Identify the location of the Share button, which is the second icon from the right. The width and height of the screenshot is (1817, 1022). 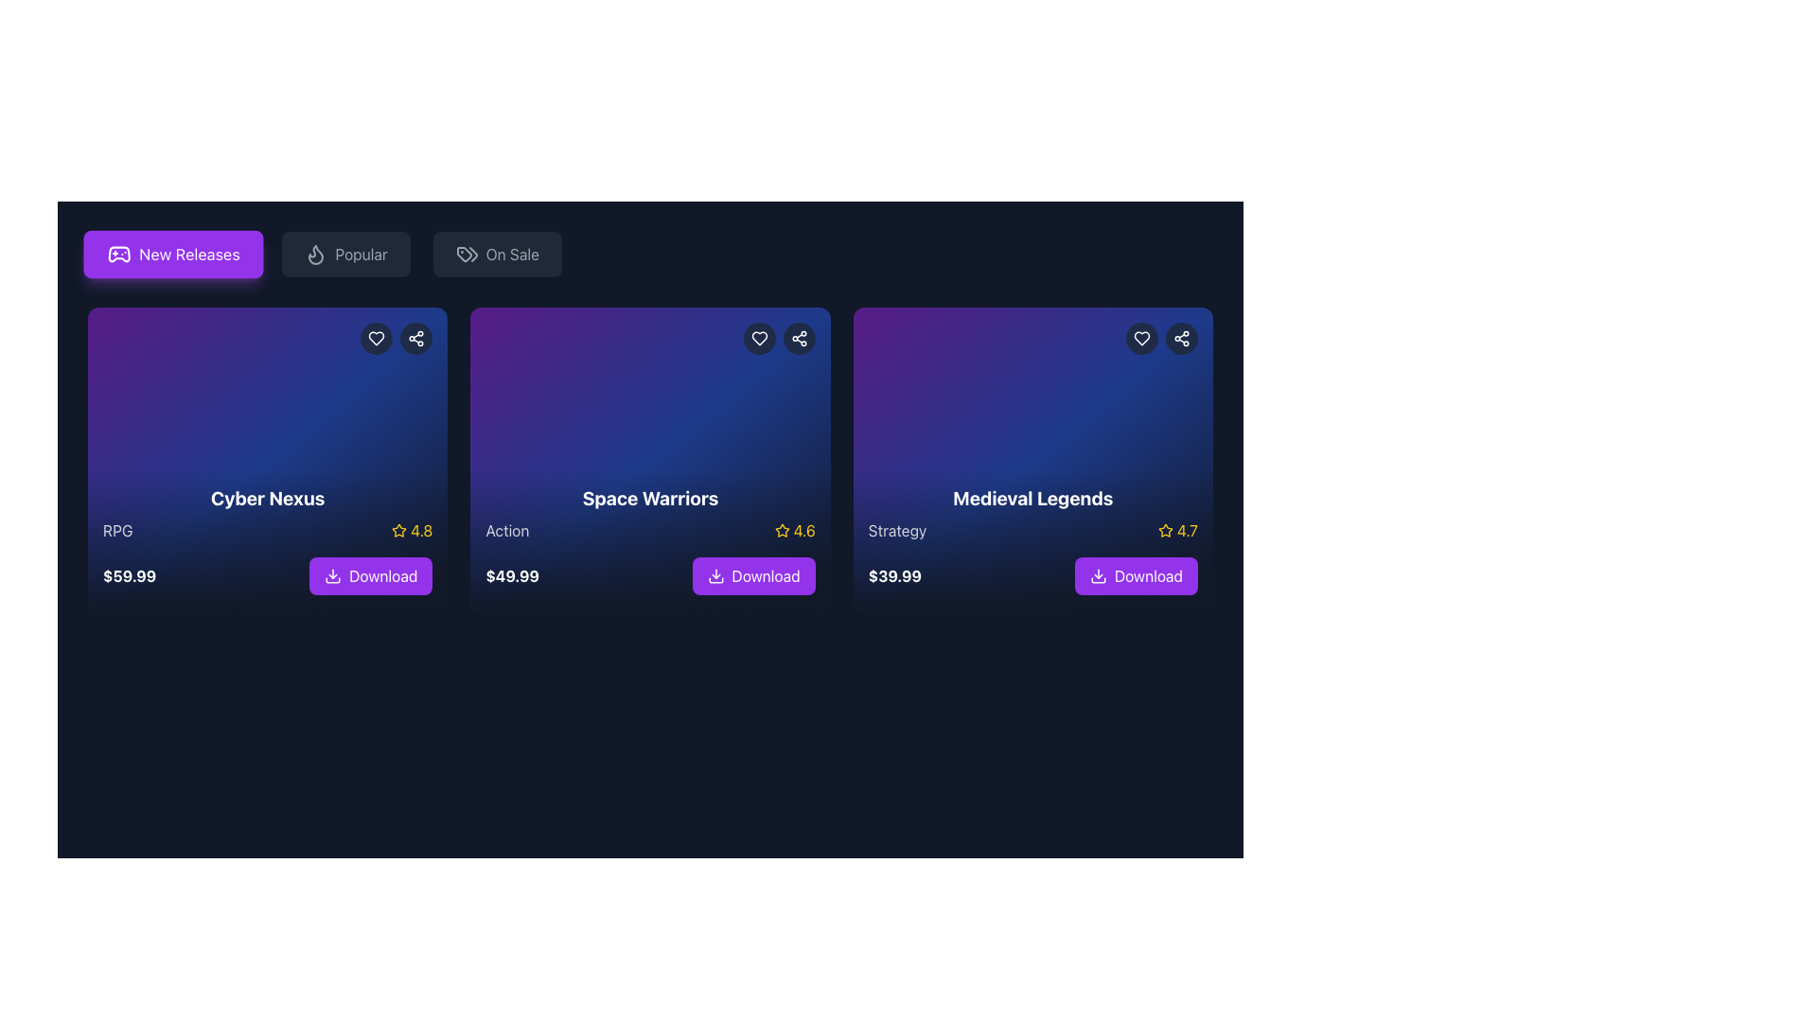
(1180, 338).